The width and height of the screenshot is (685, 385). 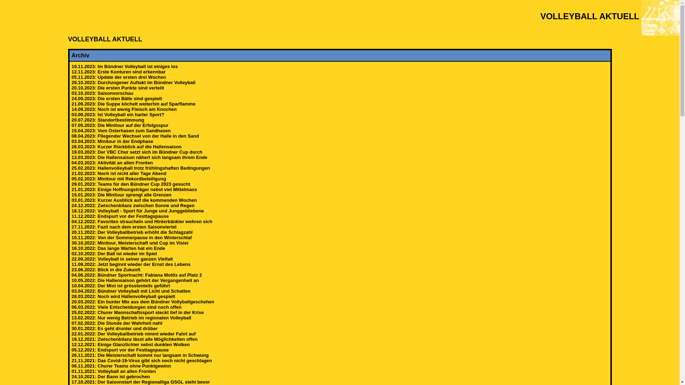 I want to click on '21.02.2023: Noch ist nicht aller Tage Abend', so click(x=118, y=173).